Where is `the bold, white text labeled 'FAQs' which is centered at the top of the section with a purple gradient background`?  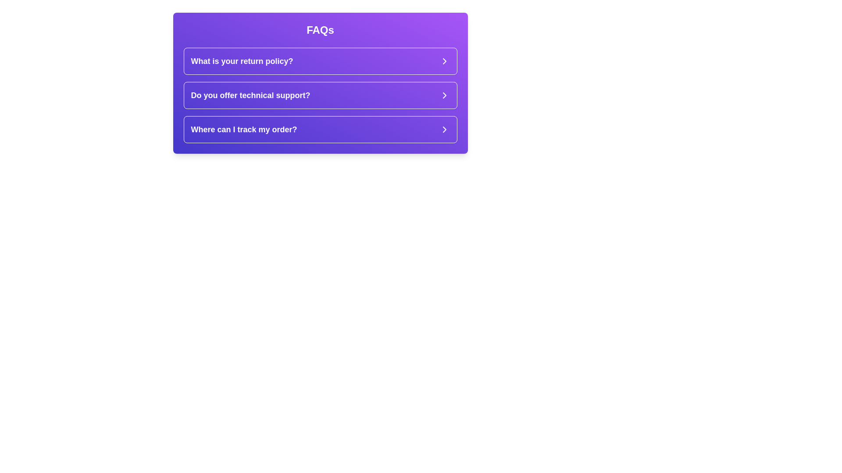
the bold, white text labeled 'FAQs' which is centered at the top of the section with a purple gradient background is located at coordinates (320, 30).